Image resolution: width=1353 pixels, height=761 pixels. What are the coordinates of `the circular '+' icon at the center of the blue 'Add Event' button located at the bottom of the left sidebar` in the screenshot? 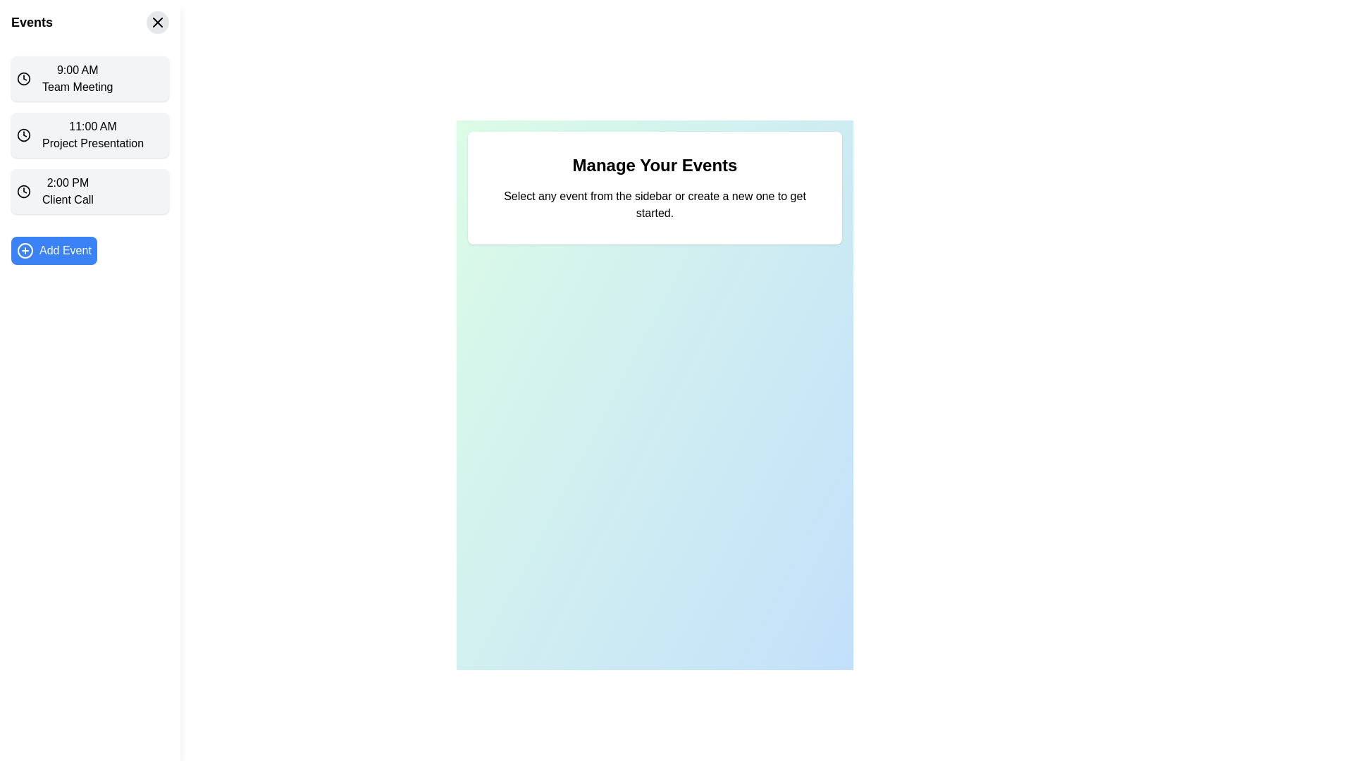 It's located at (25, 249).